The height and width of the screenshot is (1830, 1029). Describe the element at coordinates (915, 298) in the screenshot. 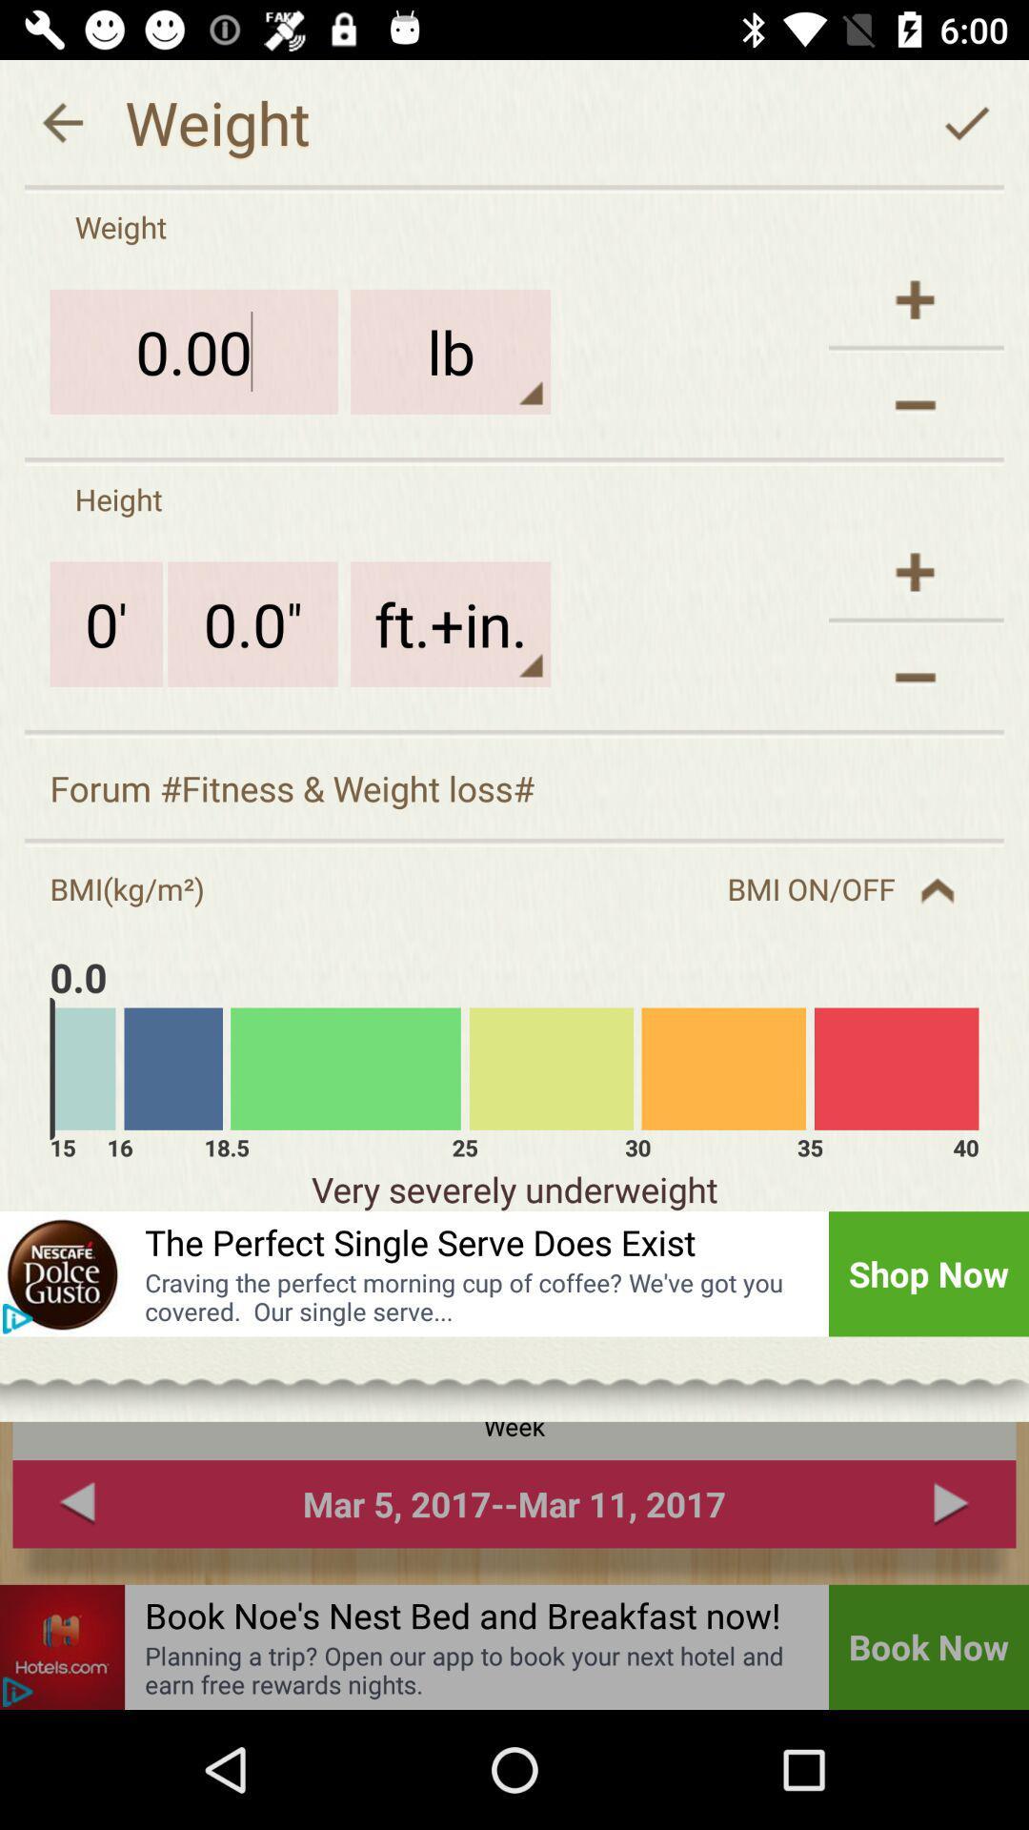

I see `the add icon` at that location.